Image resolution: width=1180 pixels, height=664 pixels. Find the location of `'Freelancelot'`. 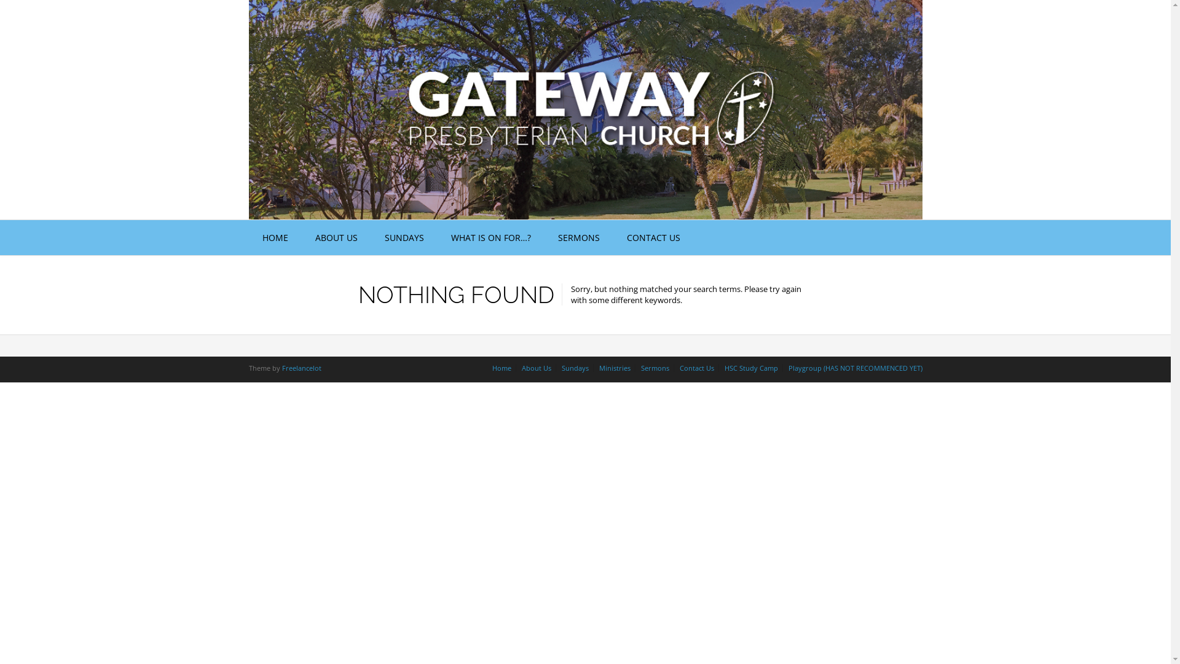

'Freelancelot' is located at coordinates (301, 367).